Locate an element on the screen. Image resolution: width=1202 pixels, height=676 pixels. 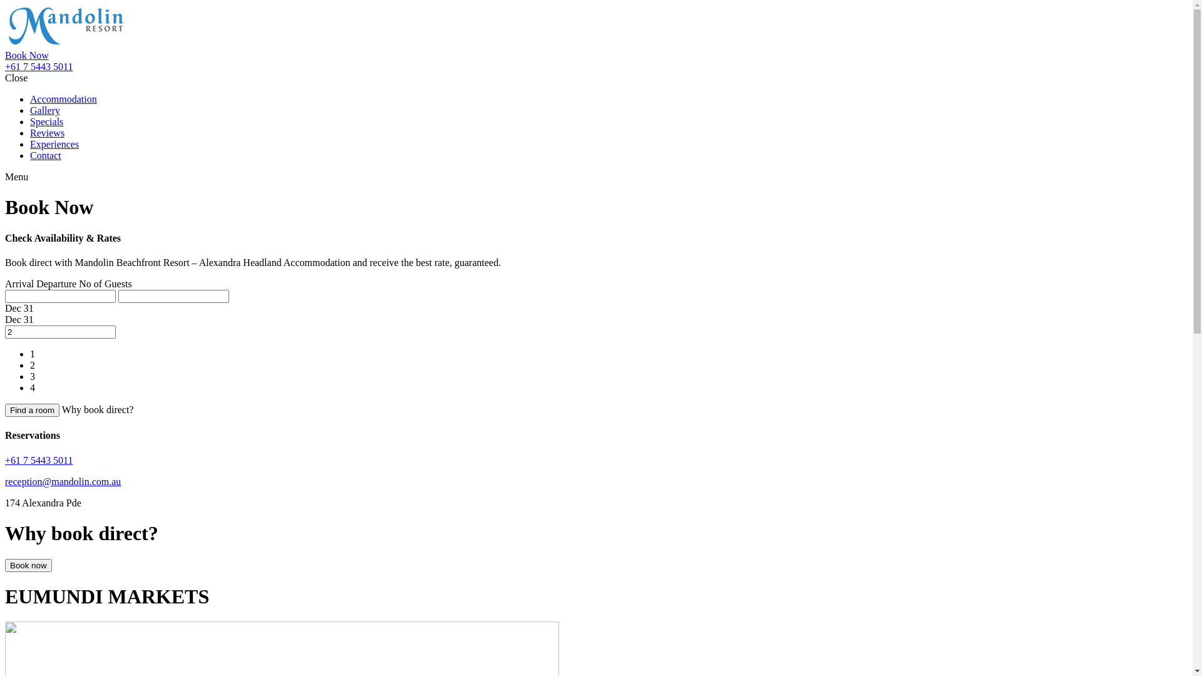
'Book now' is located at coordinates (28, 565).